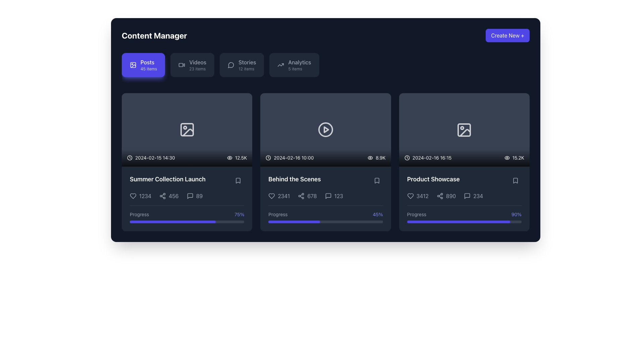 The image size is (644, 362). I want to click on on the statistics display showing 'likes', 'shares', and 'comments' values below the 'Product Showcase' text, so click(464, 196).